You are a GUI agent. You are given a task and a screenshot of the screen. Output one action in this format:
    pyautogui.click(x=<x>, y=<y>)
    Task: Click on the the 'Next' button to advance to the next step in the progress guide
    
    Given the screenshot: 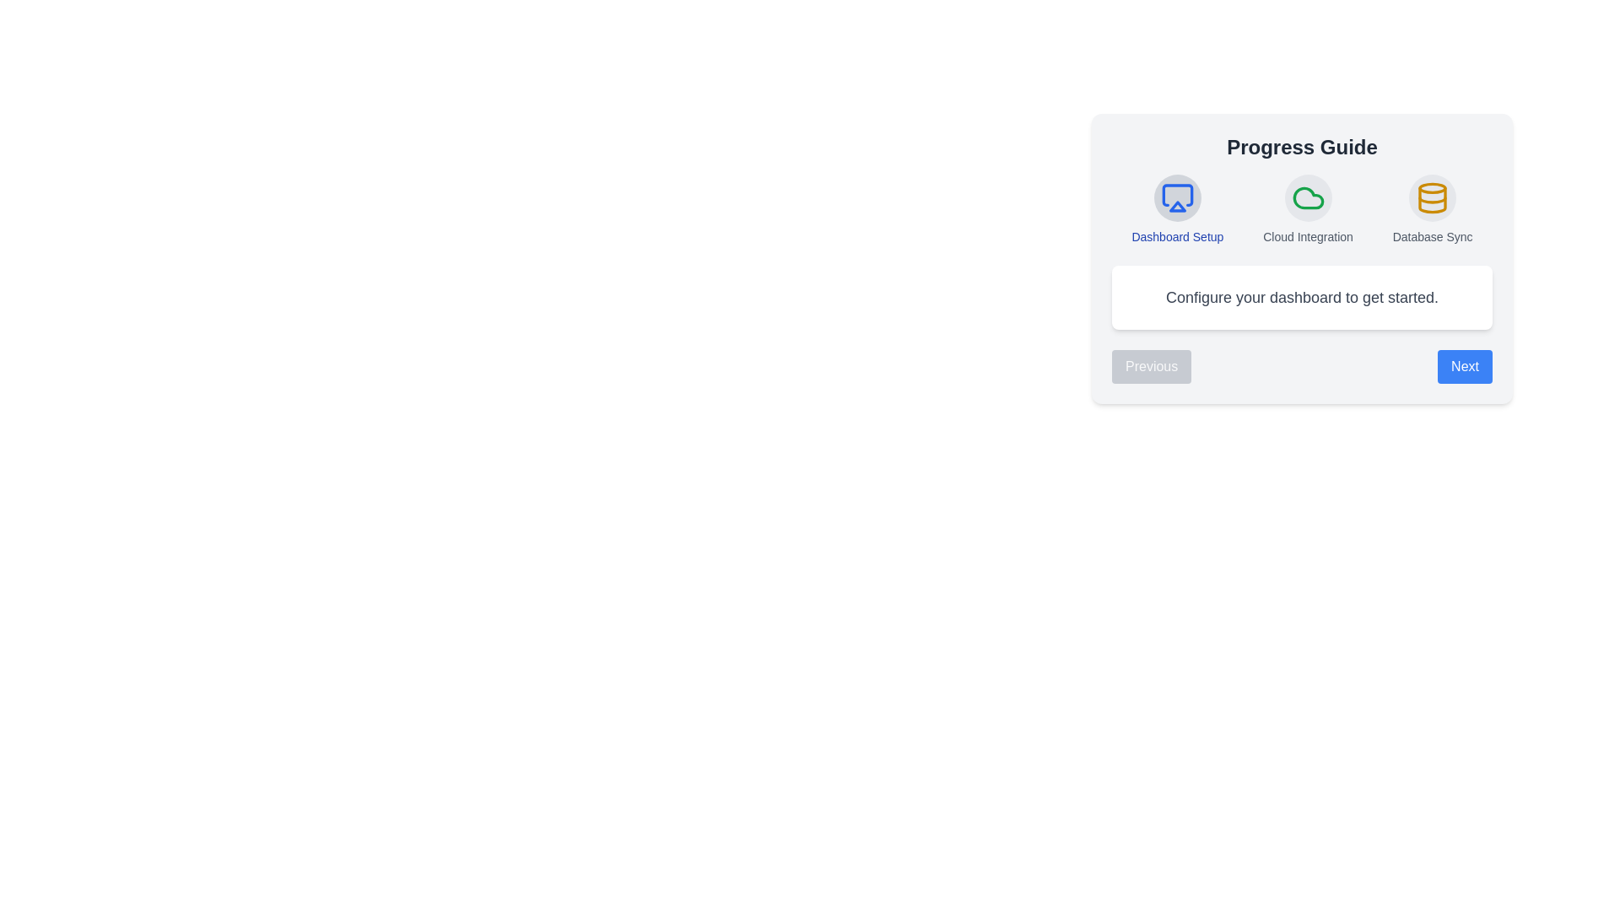 What is the action you would take?
    pyautogui.click(x=1464, y=366)
    